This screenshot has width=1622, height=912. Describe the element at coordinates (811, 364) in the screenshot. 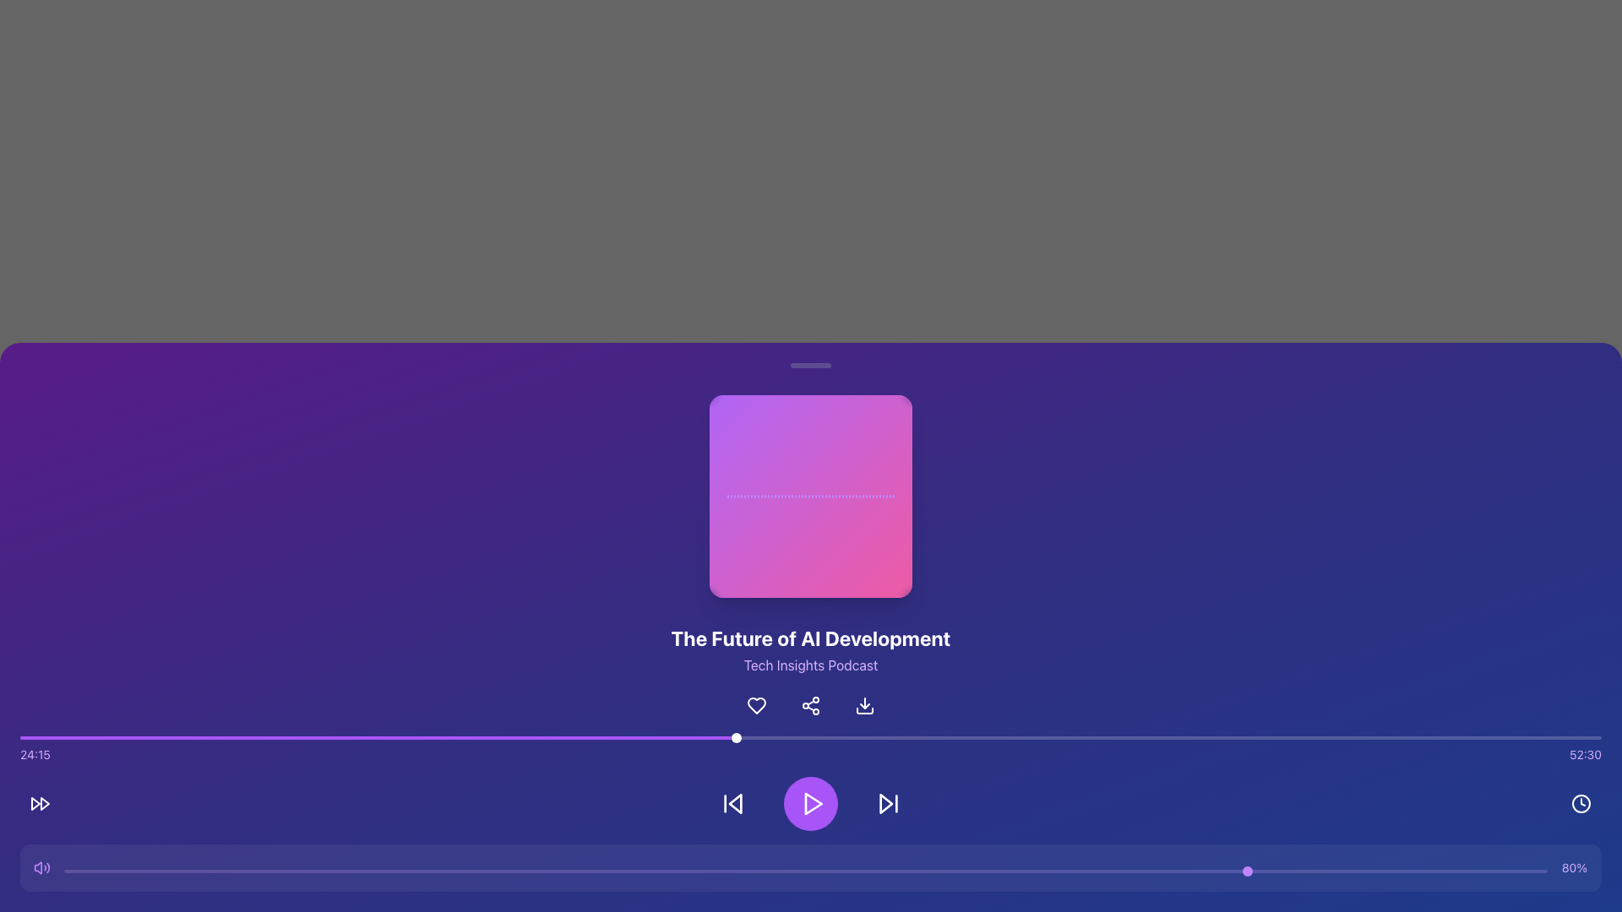

I see `the static decorative bar located centrally above the audio player, which serves as a visual separator within the interface` at that location.